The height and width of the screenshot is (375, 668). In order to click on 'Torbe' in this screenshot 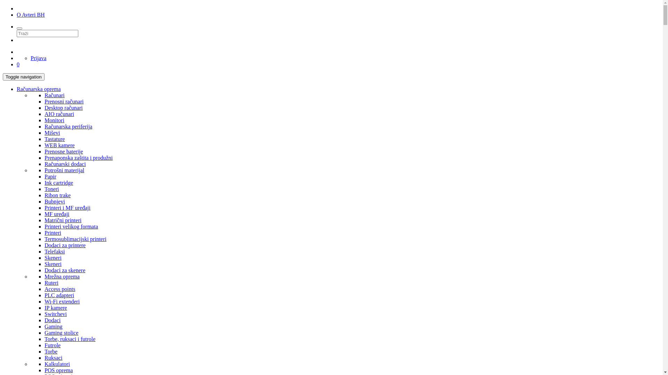, I will do `click(44, 351)`.